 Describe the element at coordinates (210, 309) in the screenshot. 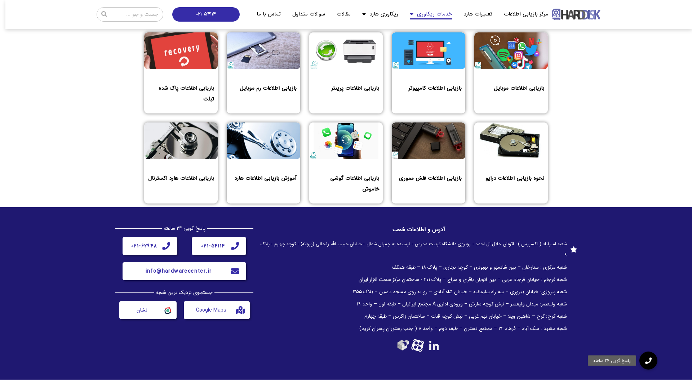

I see `'Google Maps'` at that location.